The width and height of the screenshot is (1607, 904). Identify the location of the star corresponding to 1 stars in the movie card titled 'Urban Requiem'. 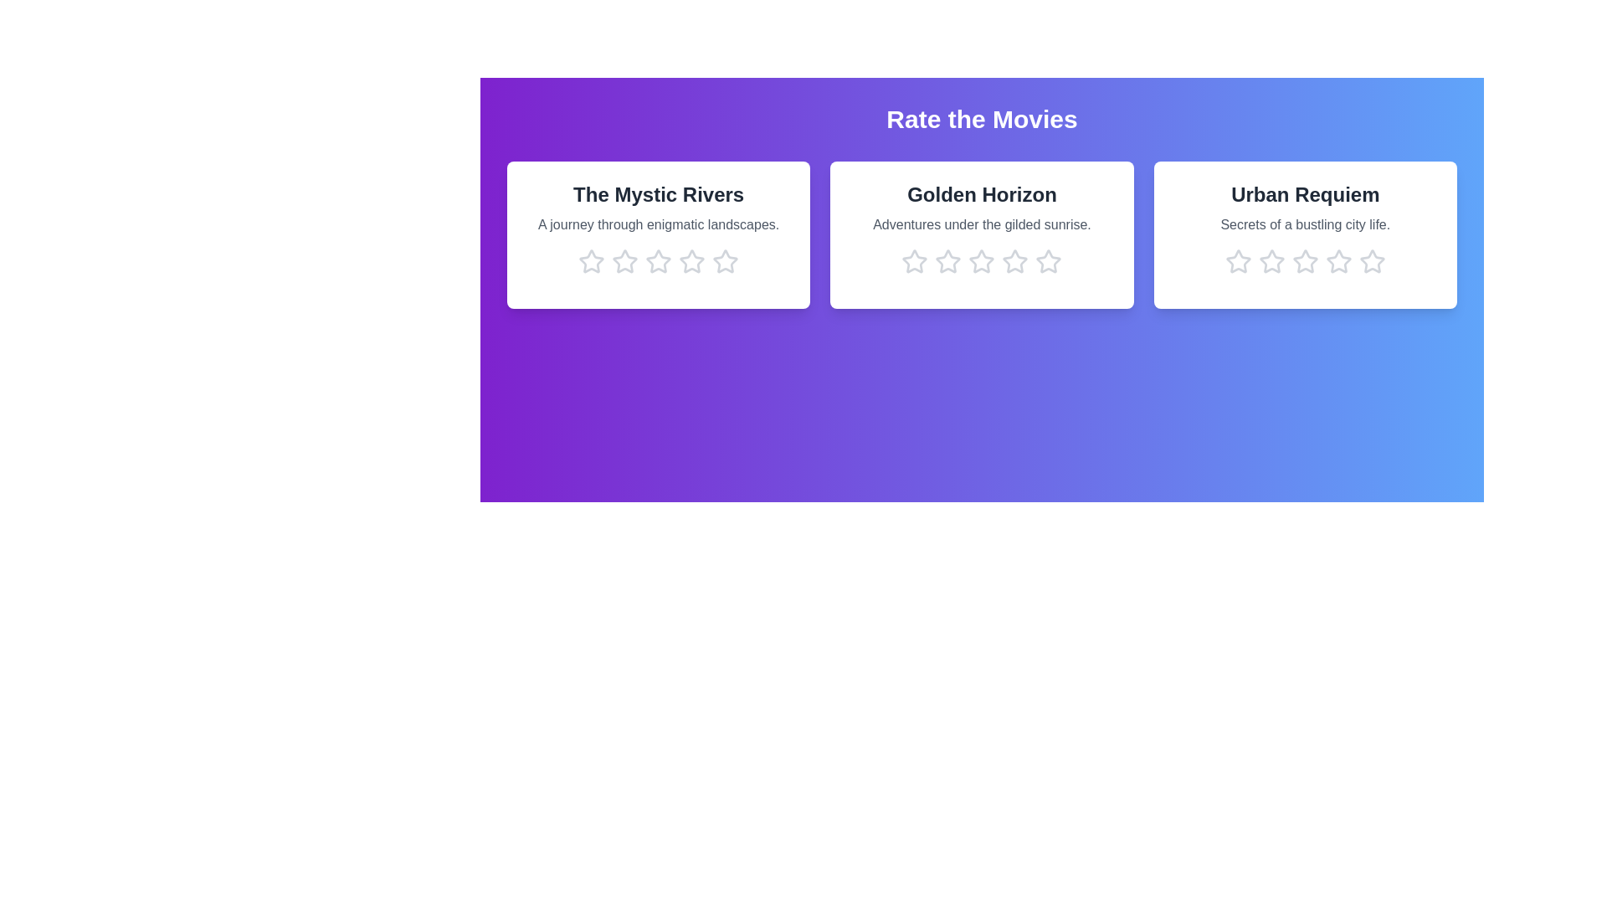
(1238, 261).